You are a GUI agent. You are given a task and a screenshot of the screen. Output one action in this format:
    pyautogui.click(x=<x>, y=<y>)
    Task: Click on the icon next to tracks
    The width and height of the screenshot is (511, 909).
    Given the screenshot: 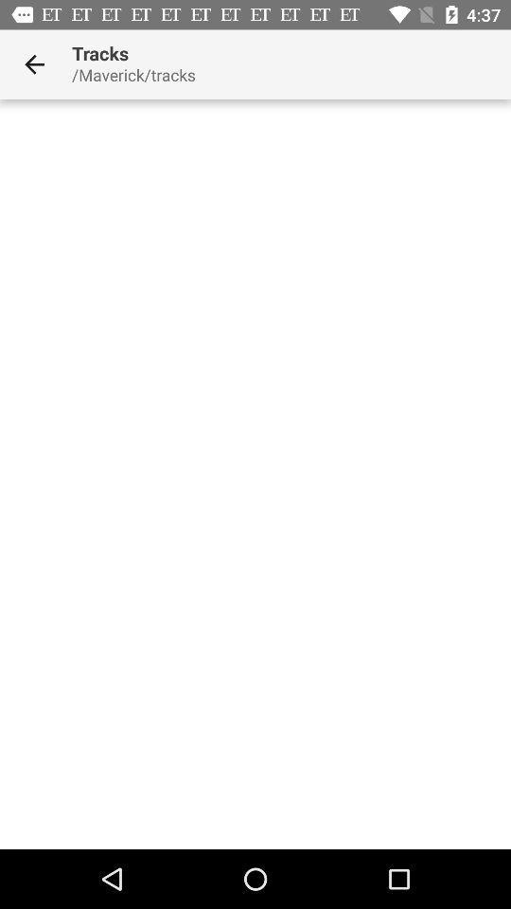 What is the action you would take?
    pyautogui.click(x=34, y=64)
    